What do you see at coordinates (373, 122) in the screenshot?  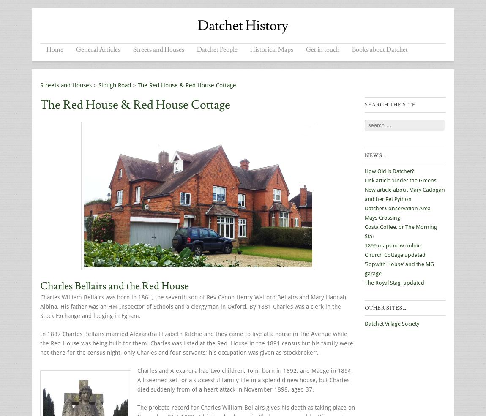 I see `'Search'` at bounding box center [373, 122].